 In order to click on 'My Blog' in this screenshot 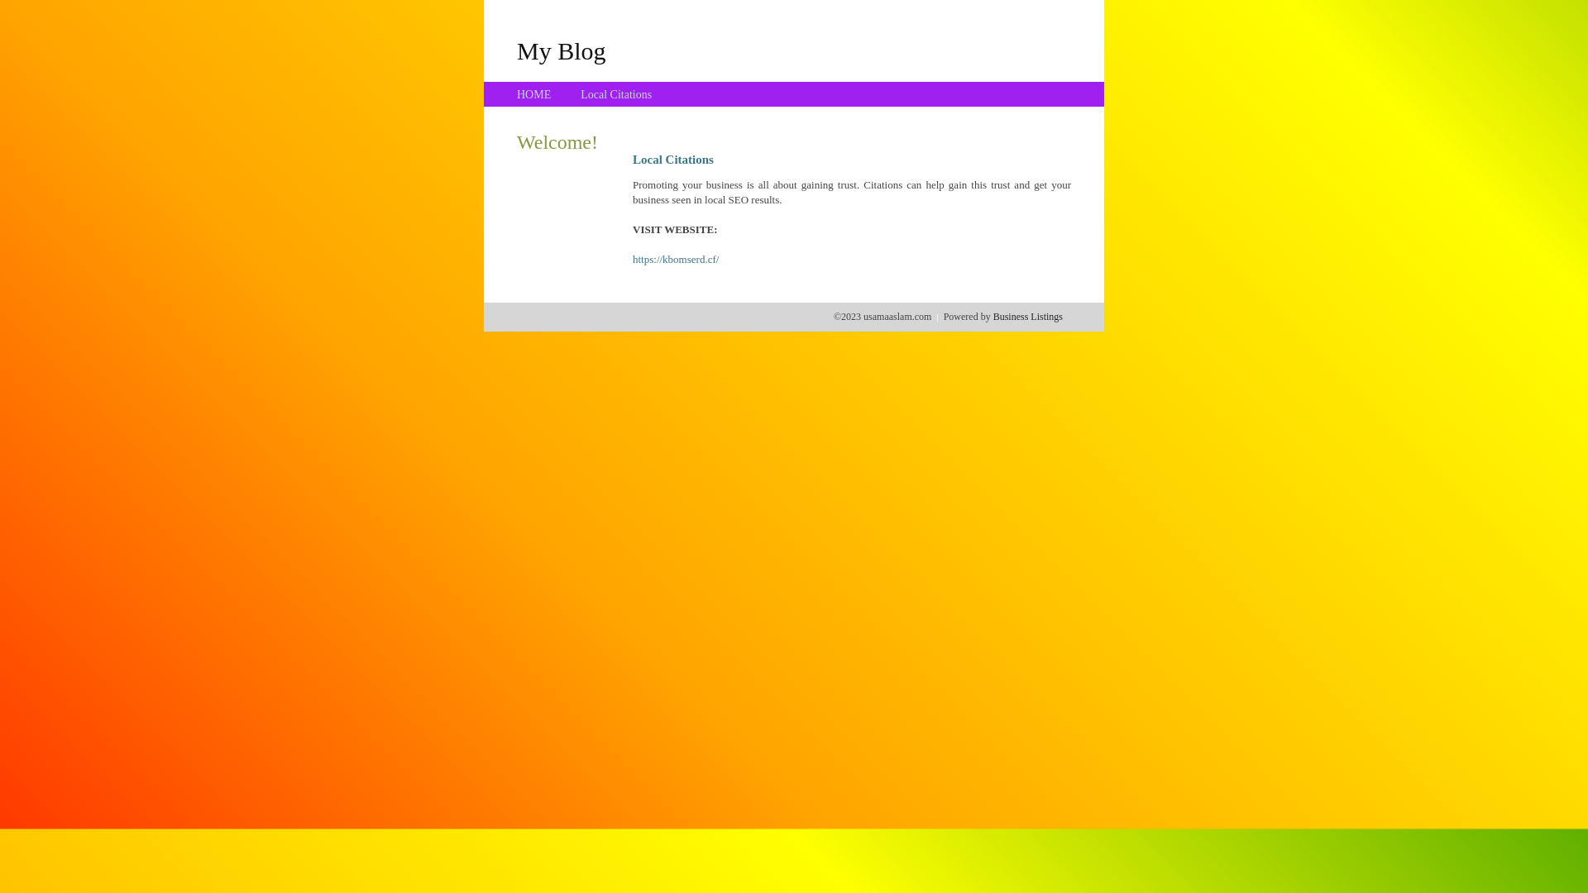, I will do `click(561, 50)`.